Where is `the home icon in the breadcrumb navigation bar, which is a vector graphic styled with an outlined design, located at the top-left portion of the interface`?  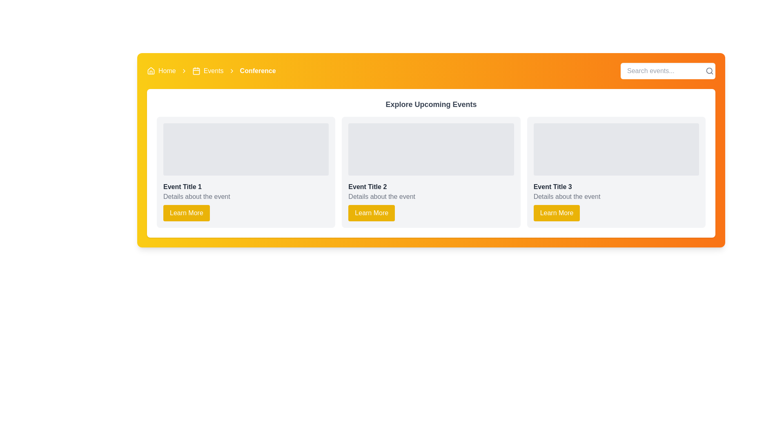 the home icon in the breadcrumb navigation bar, which is a vector graphic styled with an outlined design, located at the top-left portion of the interface is located at coordinates (151, 70).